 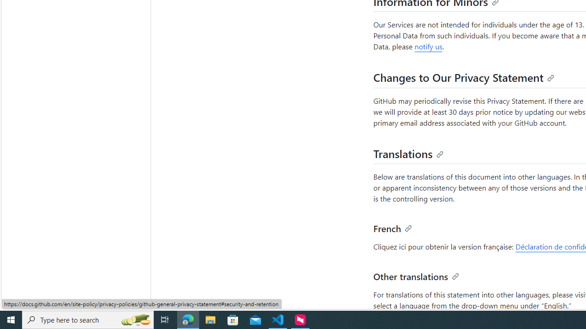 I want to click on 'French', so click(x=393, y=227).